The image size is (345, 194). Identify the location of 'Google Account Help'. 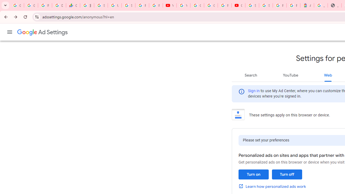
(197, 5).